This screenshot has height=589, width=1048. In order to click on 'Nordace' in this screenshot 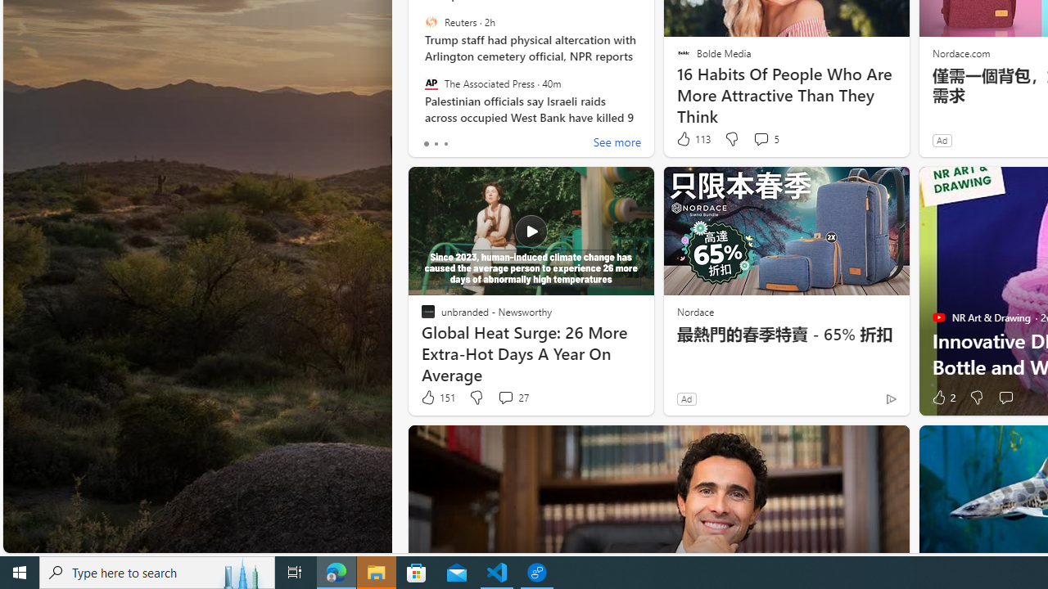, I will do `click(694, 311)`.